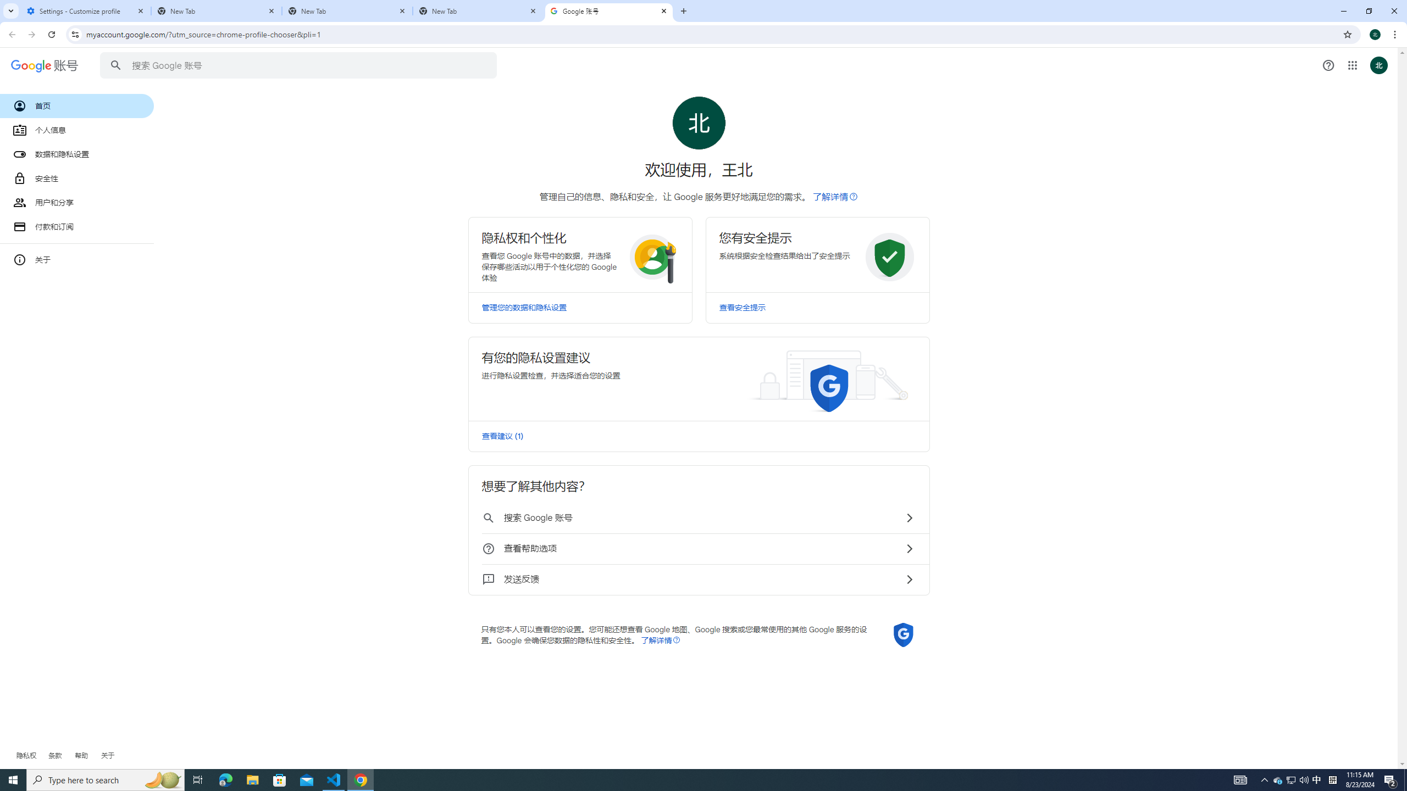 The width and height of the screenshot is (1407, 791). I want to click on 'Settings - Customize profile', so click(85, 10).